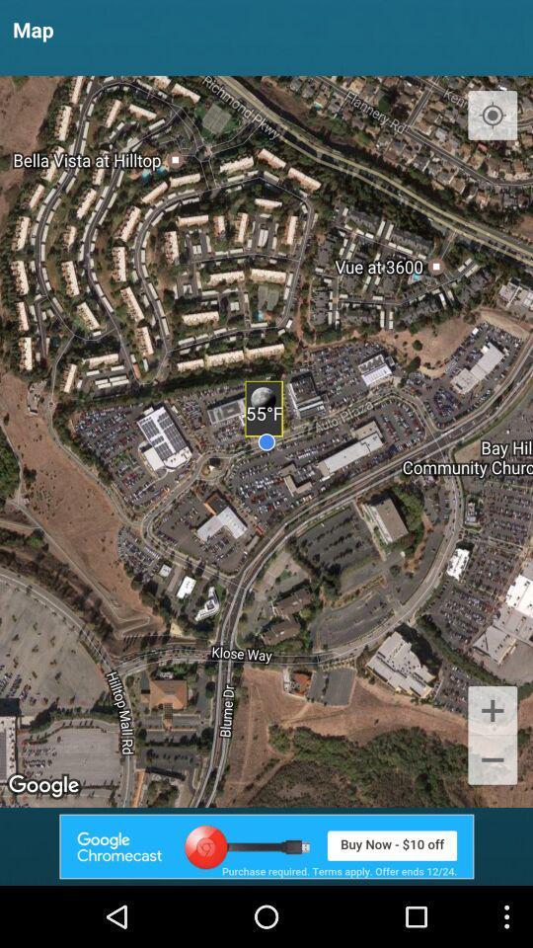 The image size is (533, 948). I want to click on for add, so click(266, 845).